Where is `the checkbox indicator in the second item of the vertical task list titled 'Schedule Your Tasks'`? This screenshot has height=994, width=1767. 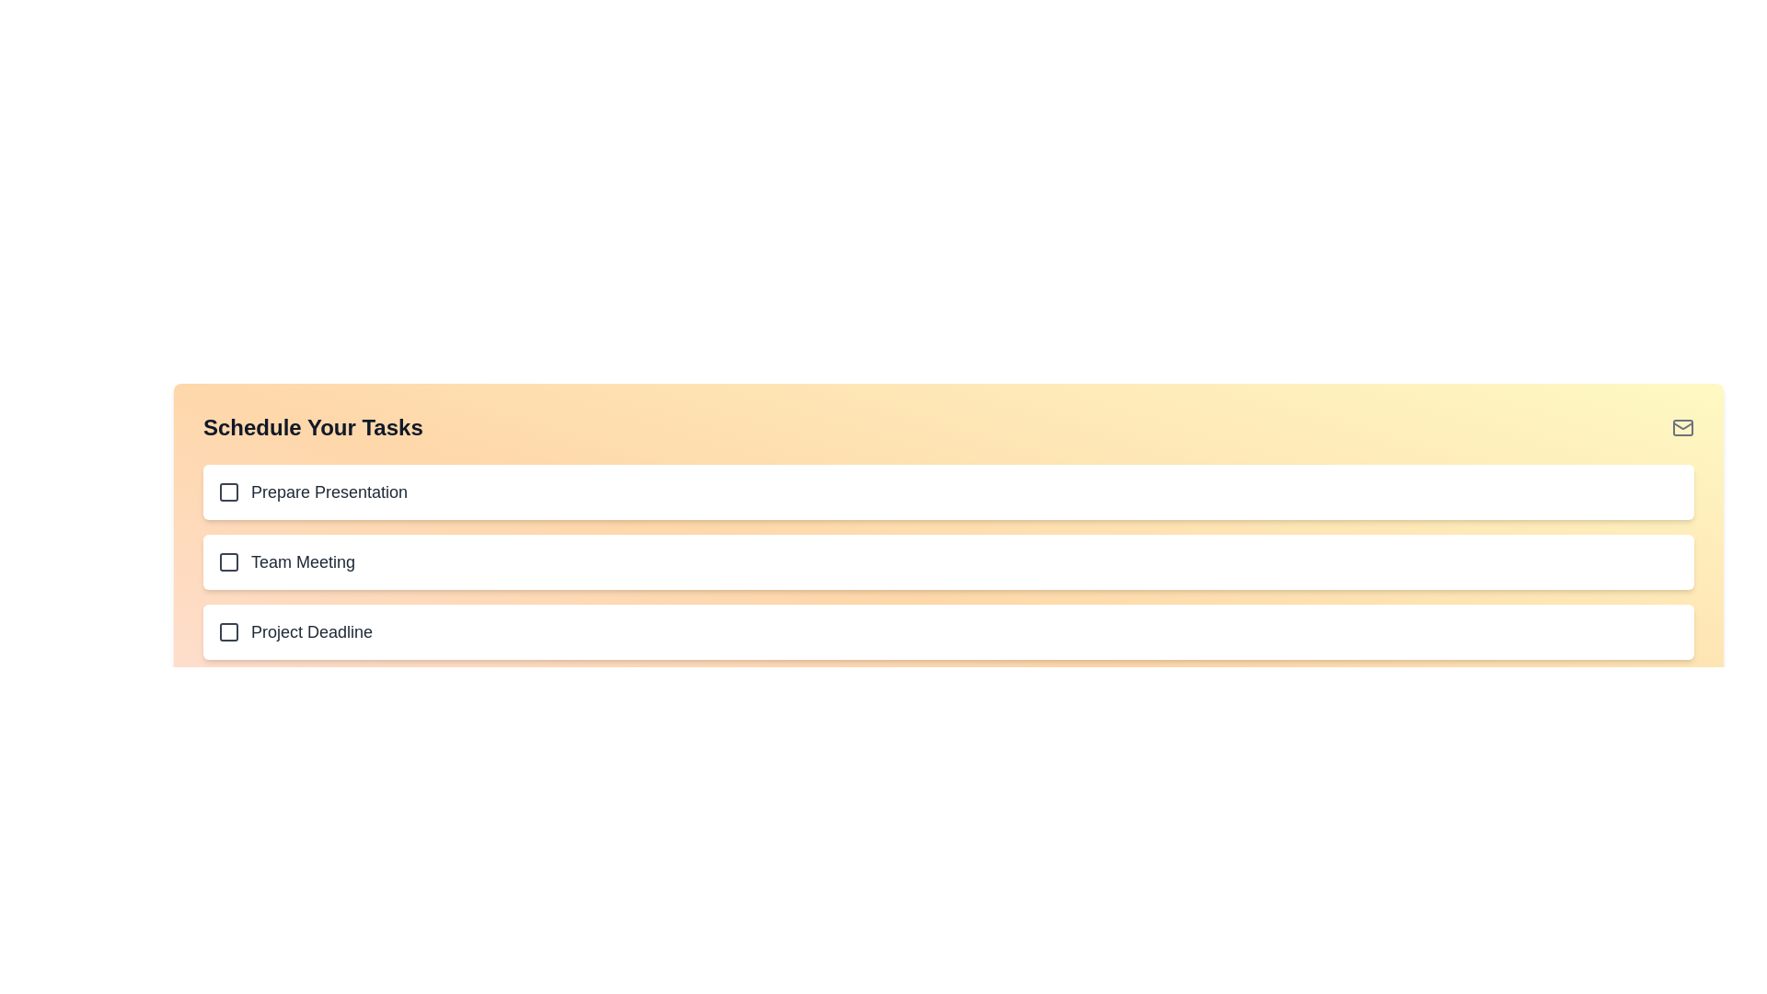 the checkbox indicator in the second item of the vertical task list titled 'Schedule Your Tasks' is located at coordinates (228, 561).